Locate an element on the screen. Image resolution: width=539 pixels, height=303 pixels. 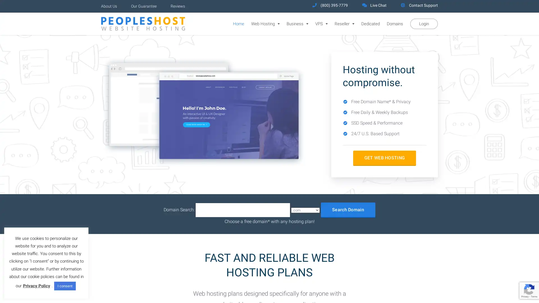
Search Domain is located at coordinates (348, 210).